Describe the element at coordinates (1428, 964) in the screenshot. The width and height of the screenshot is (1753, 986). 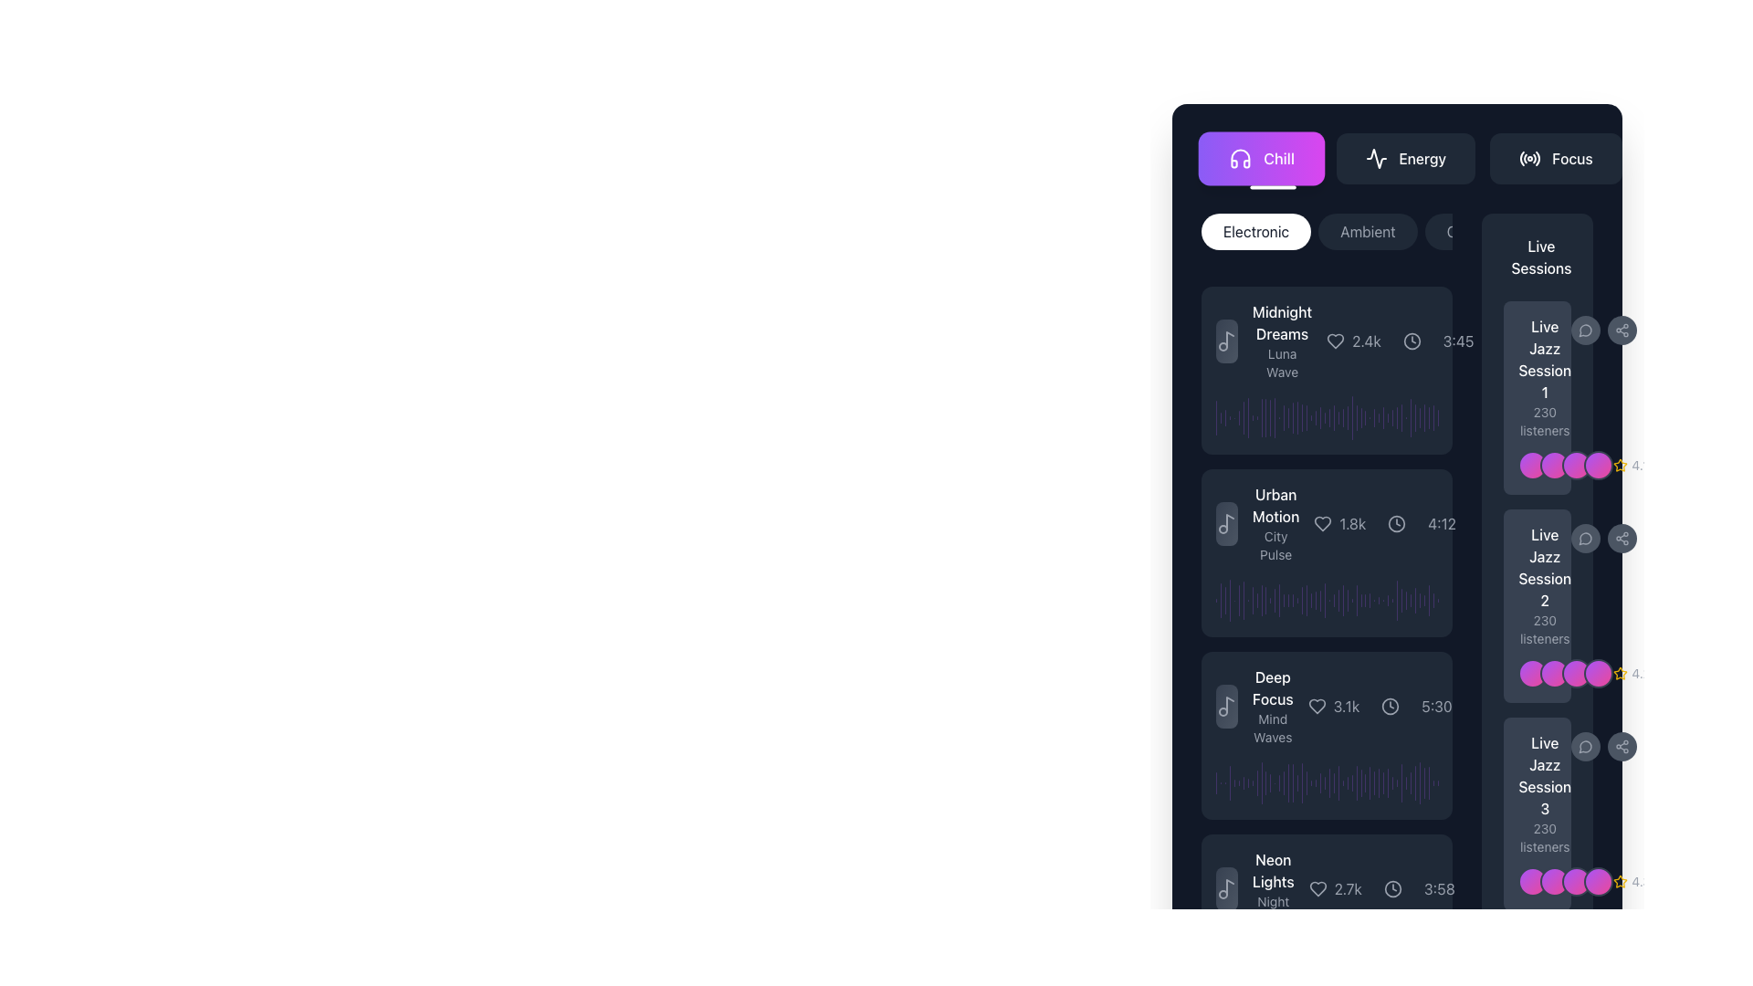
I see `the 51st vertical bar in the histogram-like representation, which is a light purple rounded bar with a translucent design` at that location.